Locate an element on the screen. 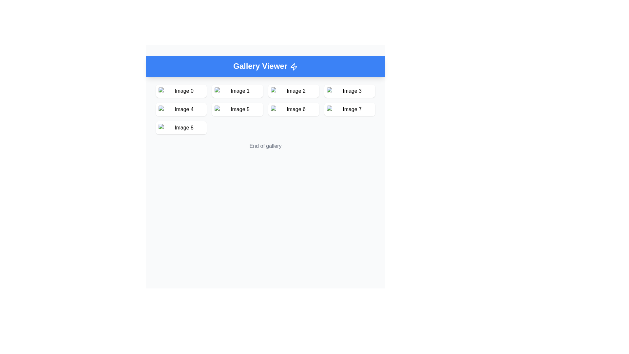  small placeholder image with alternative text 'Image 1' located in the first row and second column of the grid layout for details is located at coordinates (237, 91).